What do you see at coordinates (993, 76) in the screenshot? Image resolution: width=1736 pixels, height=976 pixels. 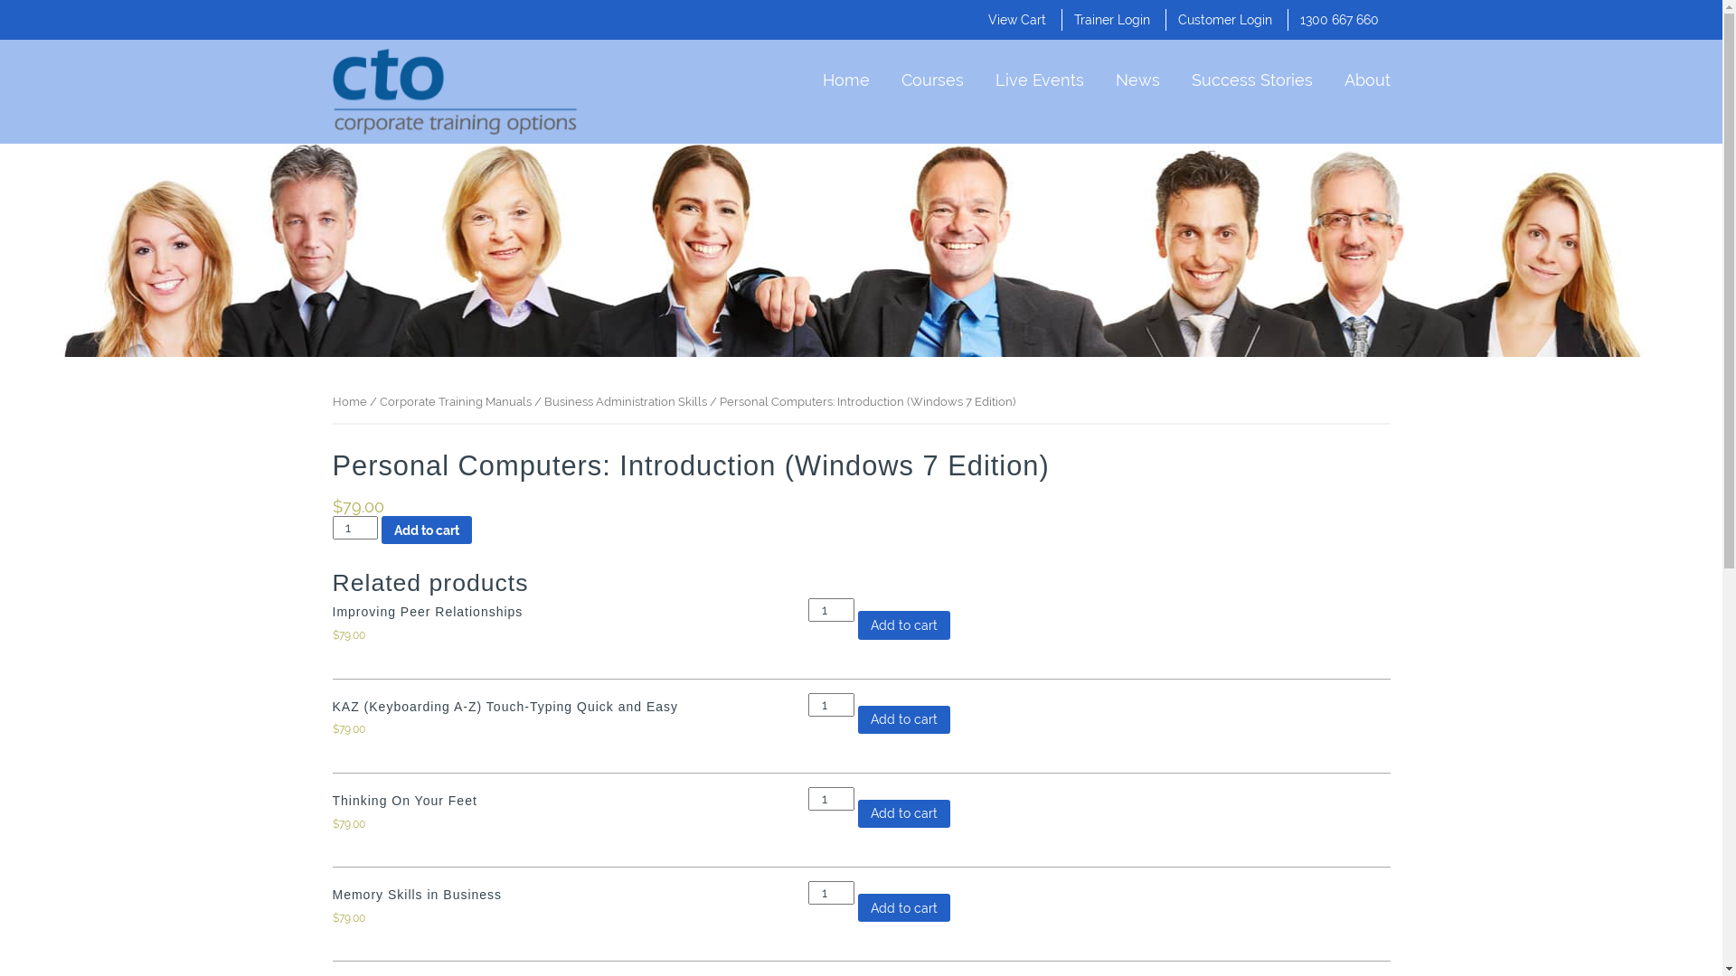 I see `'Live Events'` at bounding box center [993, 76].